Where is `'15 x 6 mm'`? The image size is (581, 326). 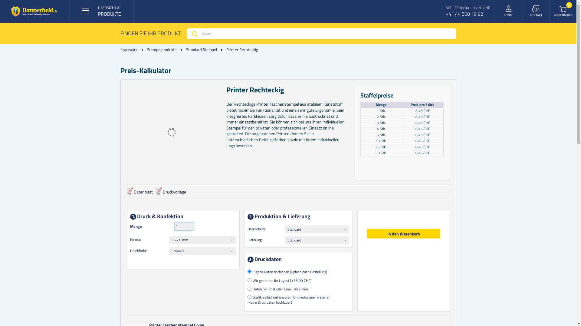
'15 x 6 mm' is located at coordinates (202, 239).